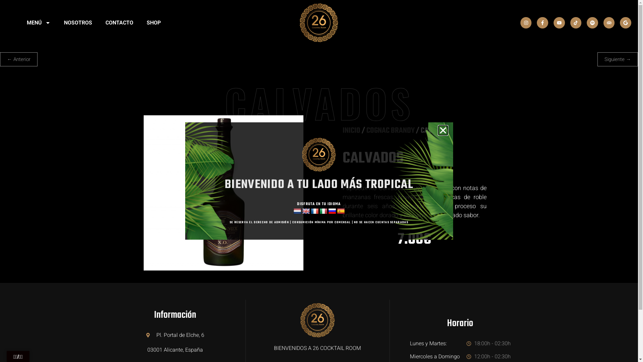 The width and height of the screenshot is (643, 362). I want to click on 'CONTACTO', so click(119, 22).